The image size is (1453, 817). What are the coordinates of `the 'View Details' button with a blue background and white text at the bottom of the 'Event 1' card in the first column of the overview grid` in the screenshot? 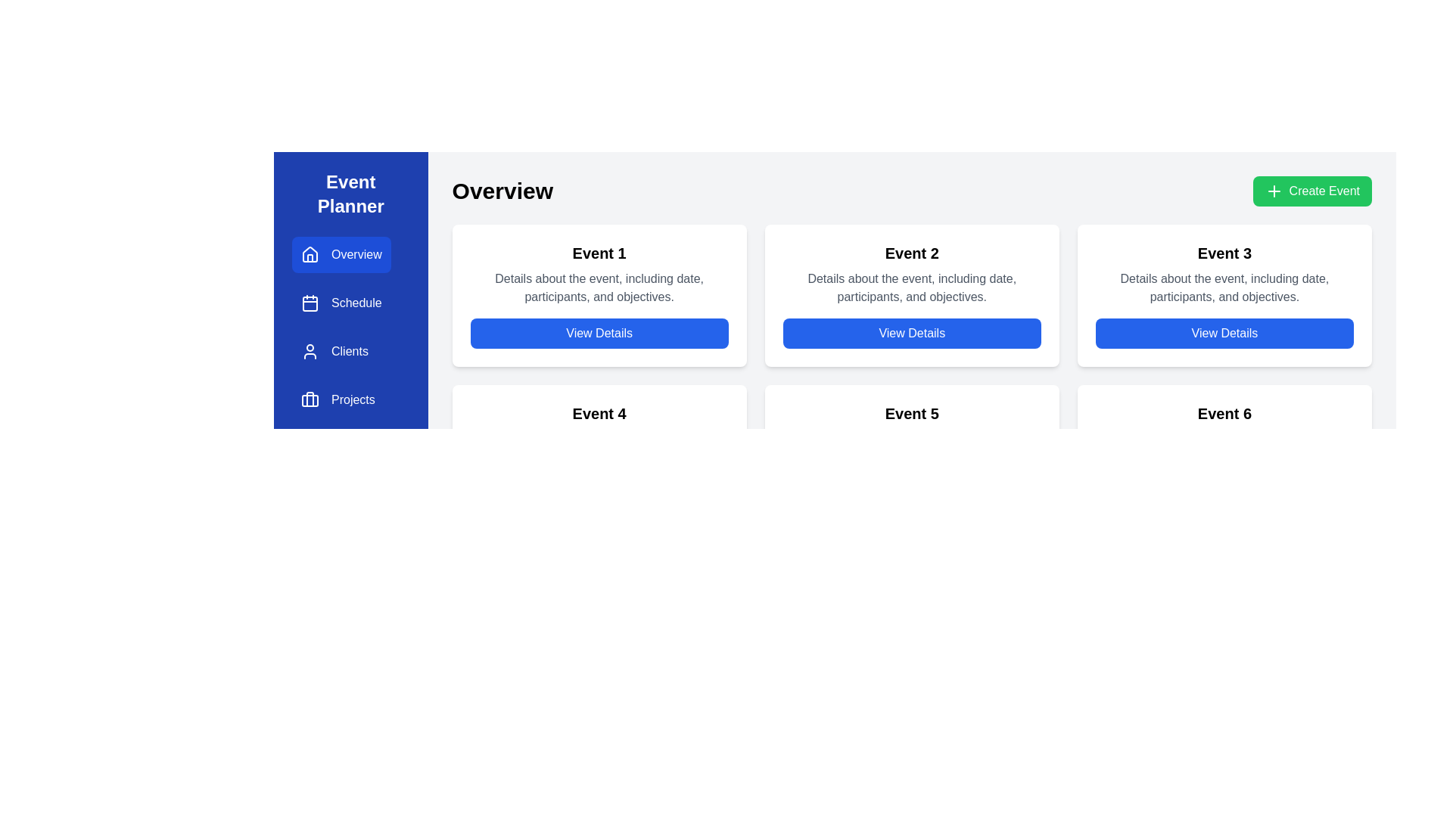 It's located at (599, 332).